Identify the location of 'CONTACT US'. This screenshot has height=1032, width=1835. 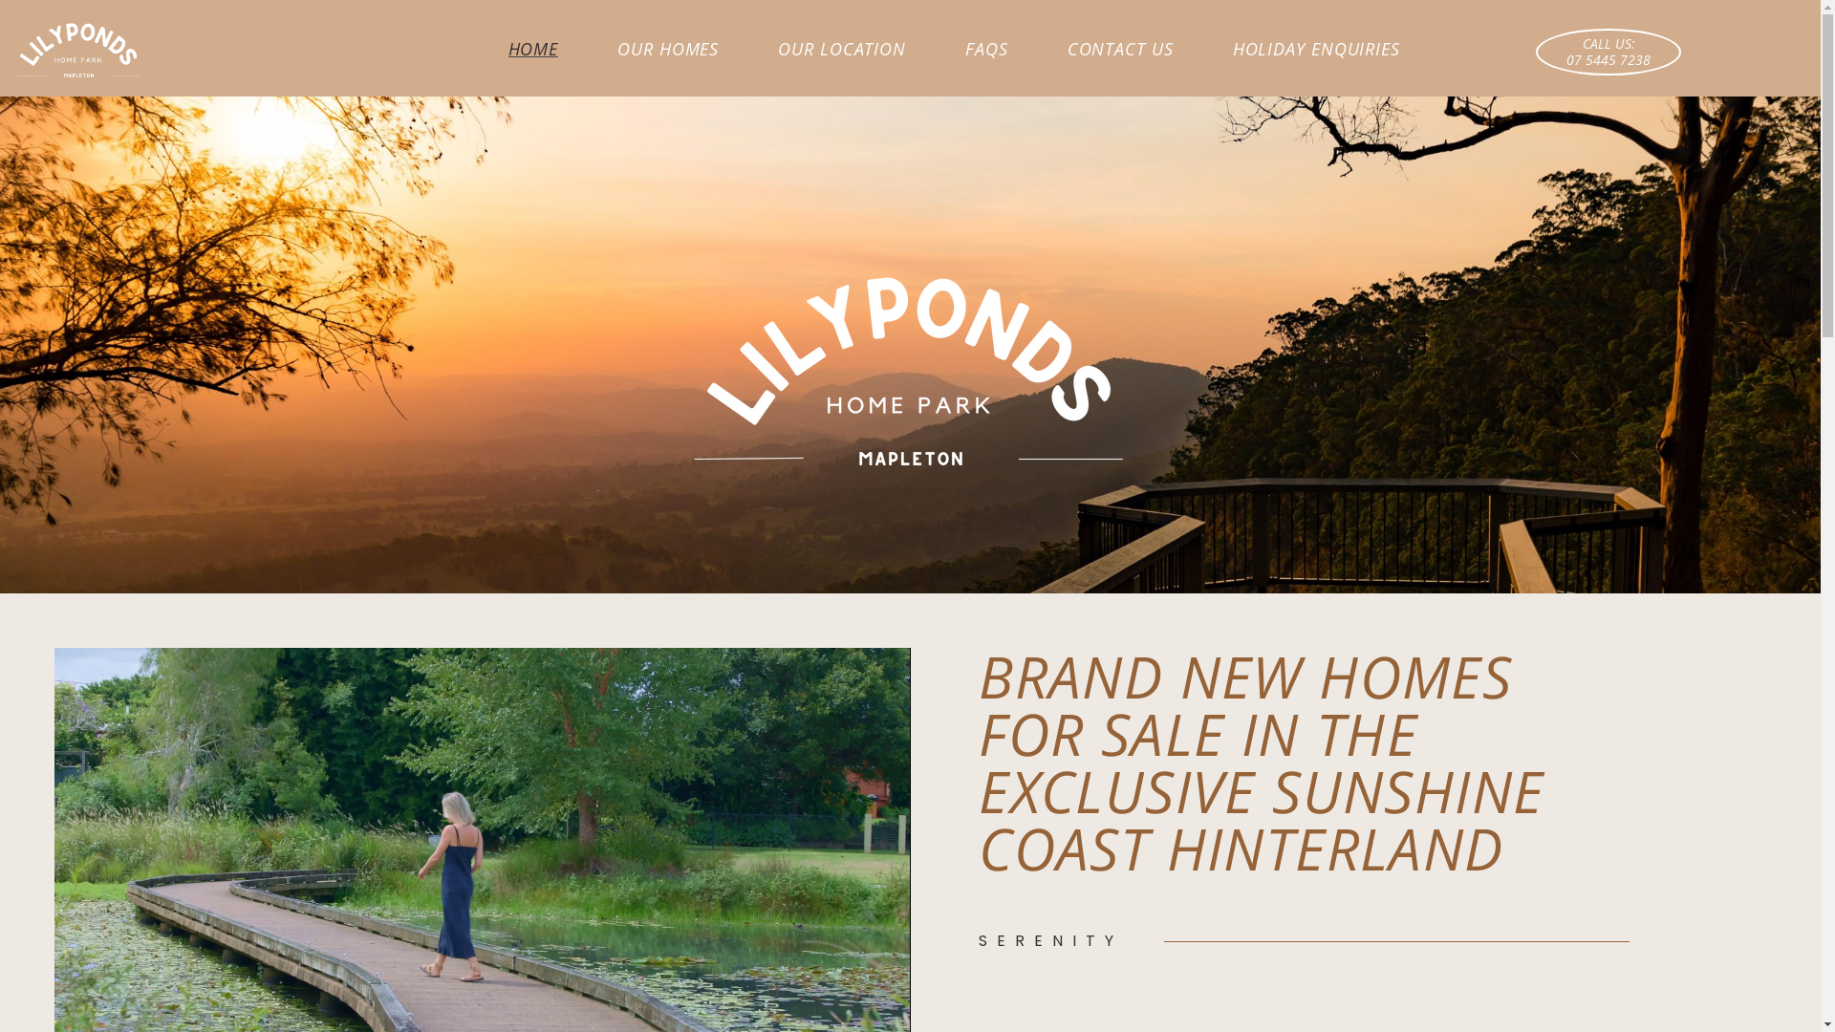
(1120, 47).